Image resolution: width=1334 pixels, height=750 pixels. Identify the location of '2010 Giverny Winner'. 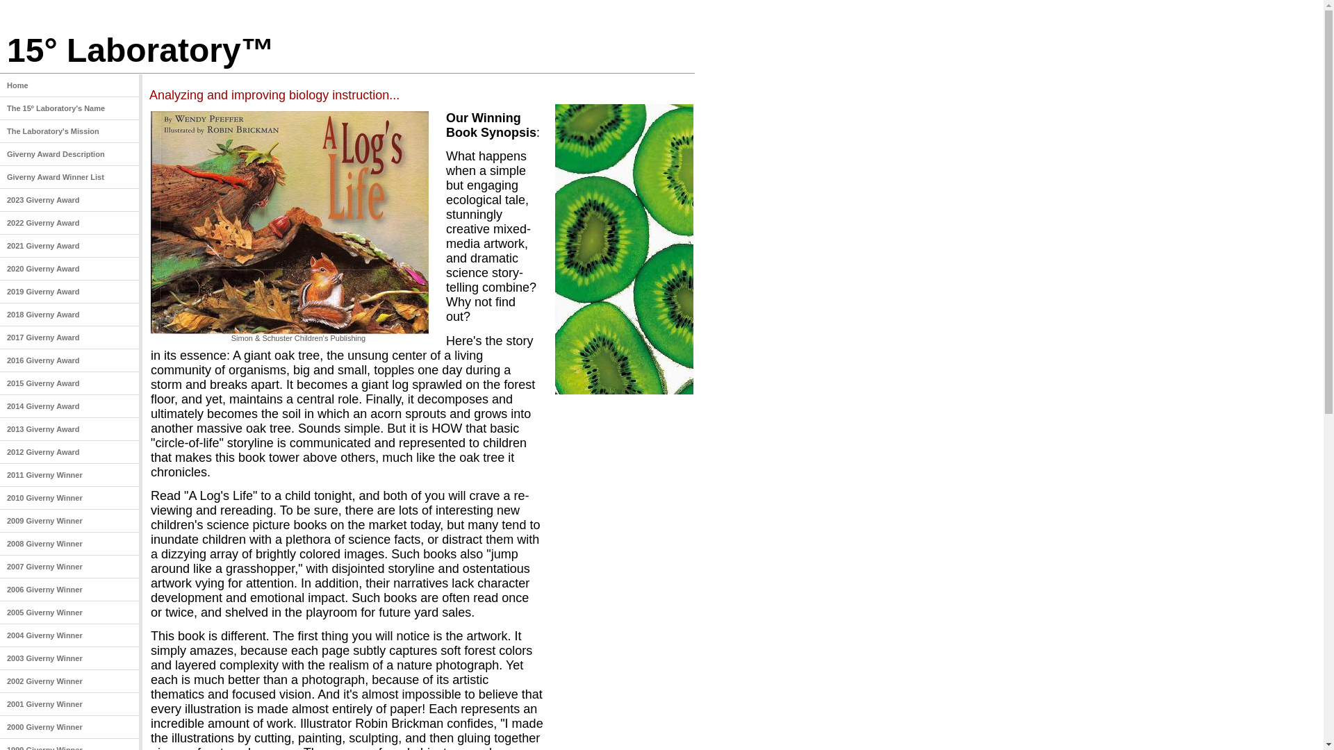
(69, 497).